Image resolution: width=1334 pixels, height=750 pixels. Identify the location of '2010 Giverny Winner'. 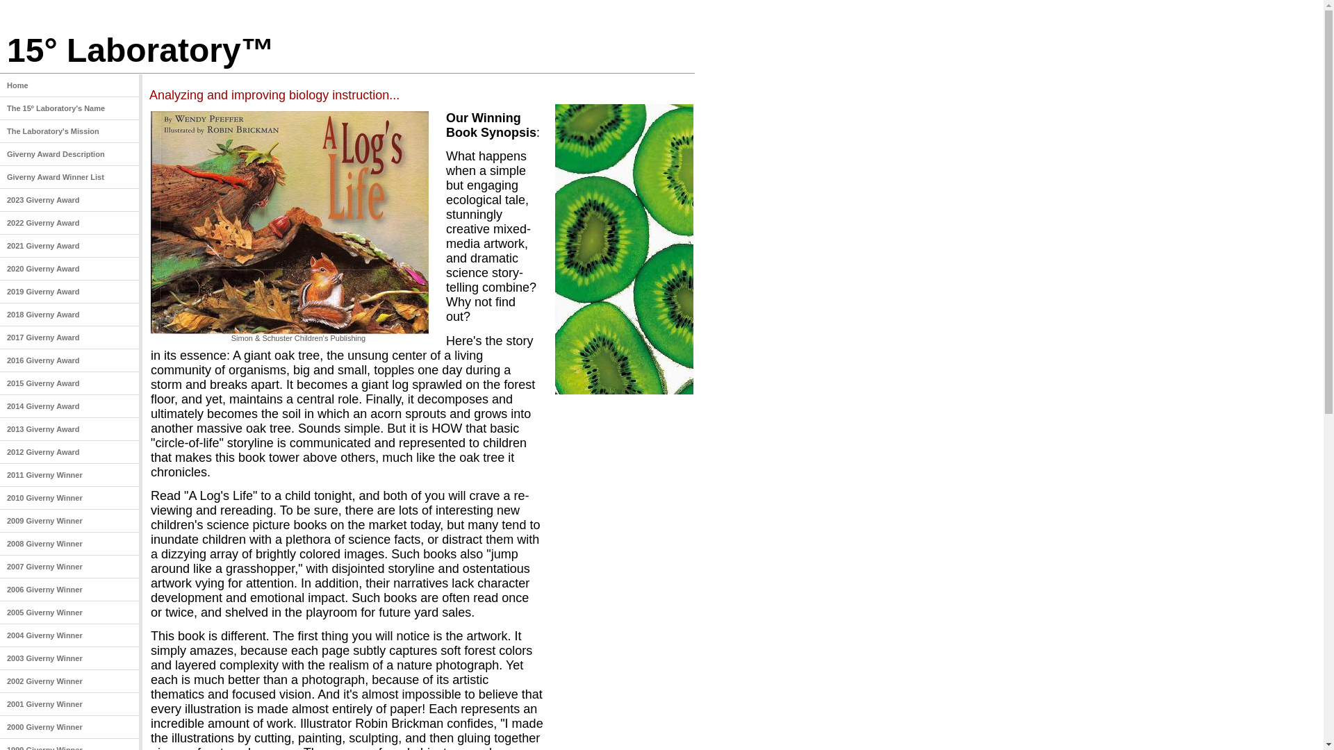
(69, 497).